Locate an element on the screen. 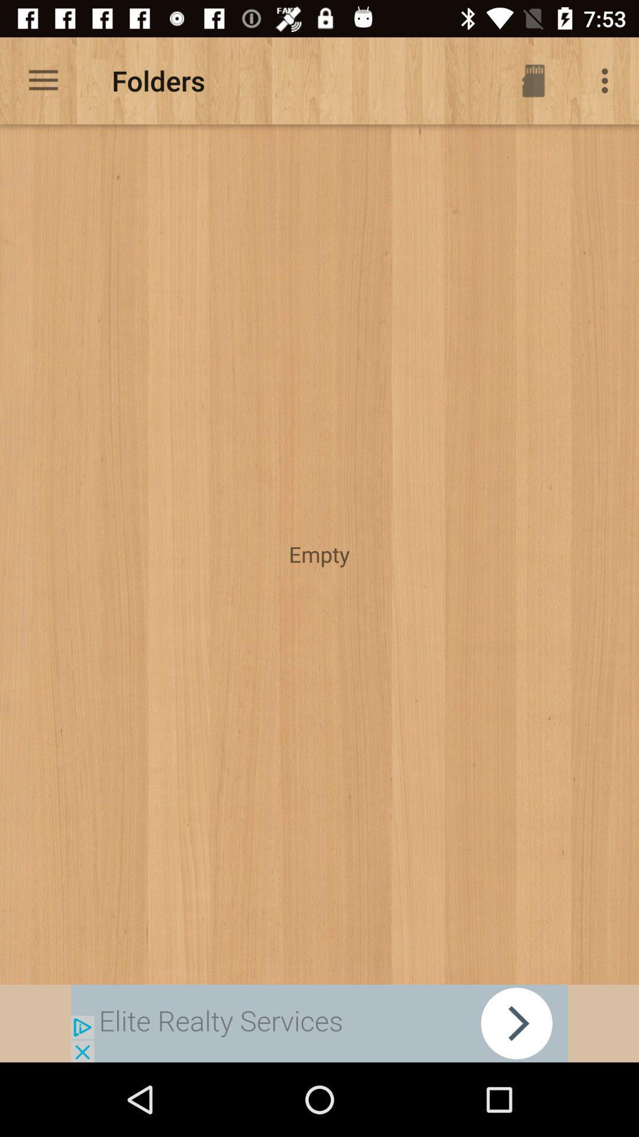 Image resolution: width=639 pixels, height=1137 pixels. see advertisement is located at coordinates (319, 1023).